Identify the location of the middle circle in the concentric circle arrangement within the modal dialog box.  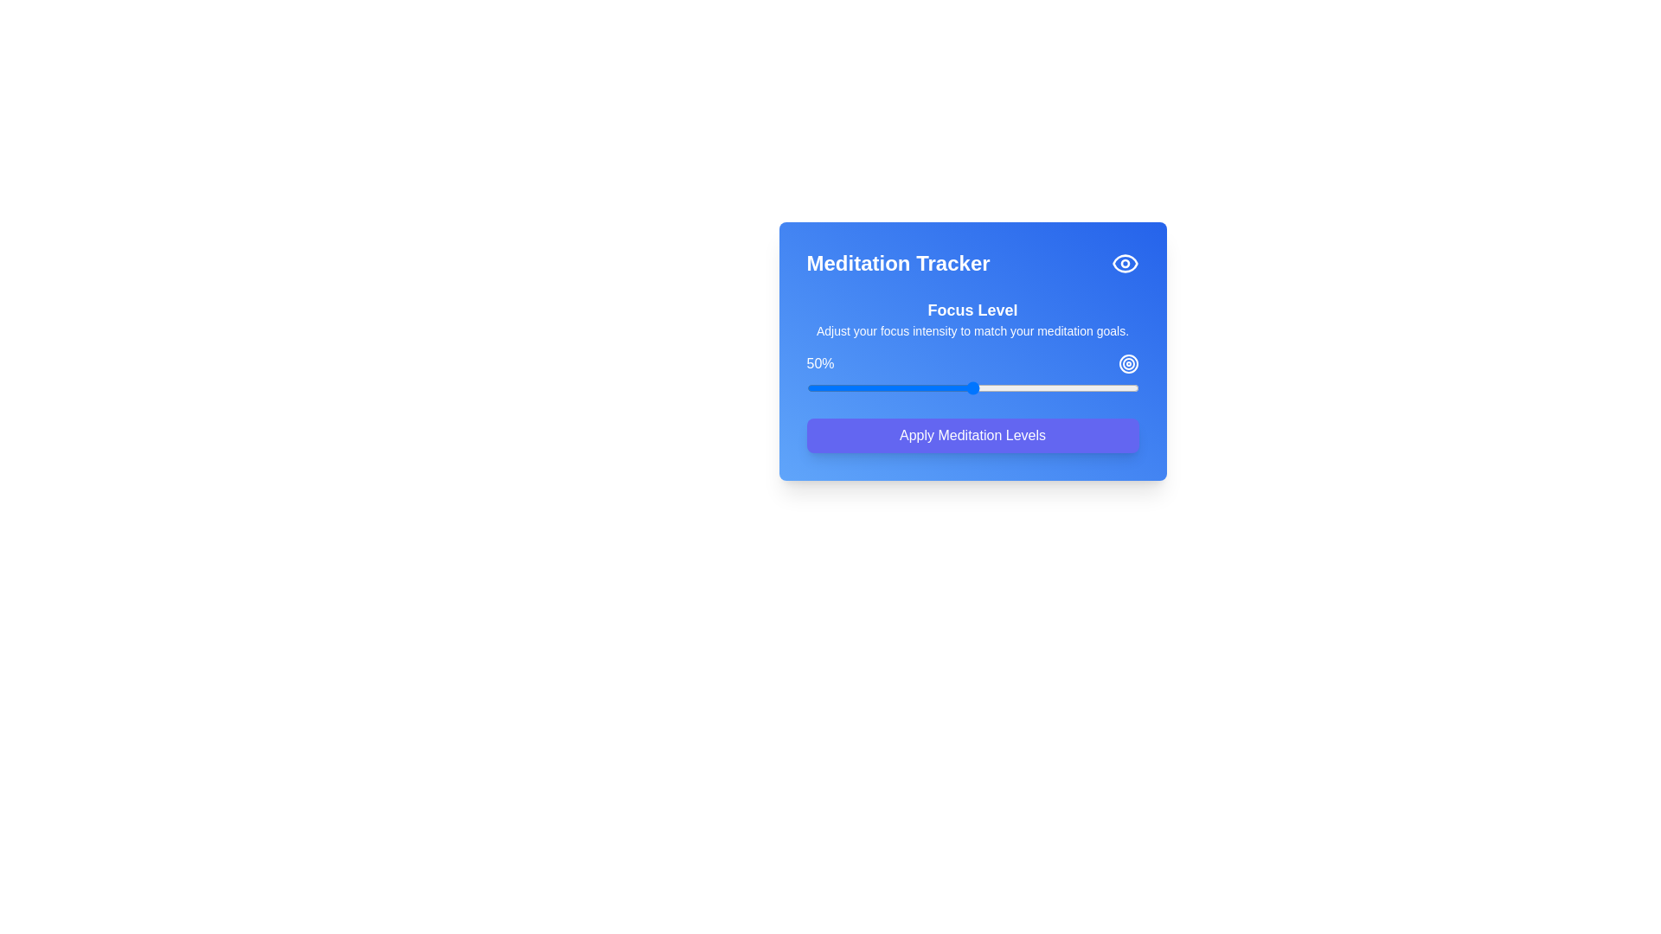
(1128, 362).